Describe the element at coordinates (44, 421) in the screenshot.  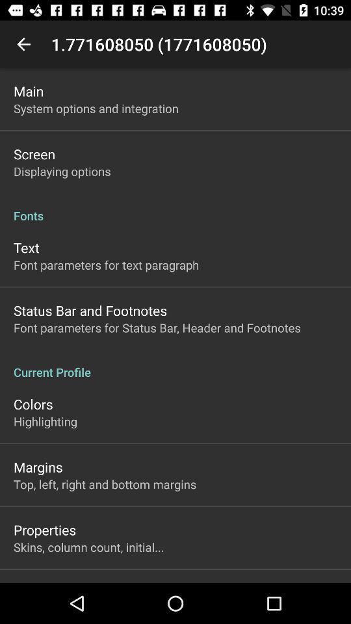
I see `app below the colors` at that location.